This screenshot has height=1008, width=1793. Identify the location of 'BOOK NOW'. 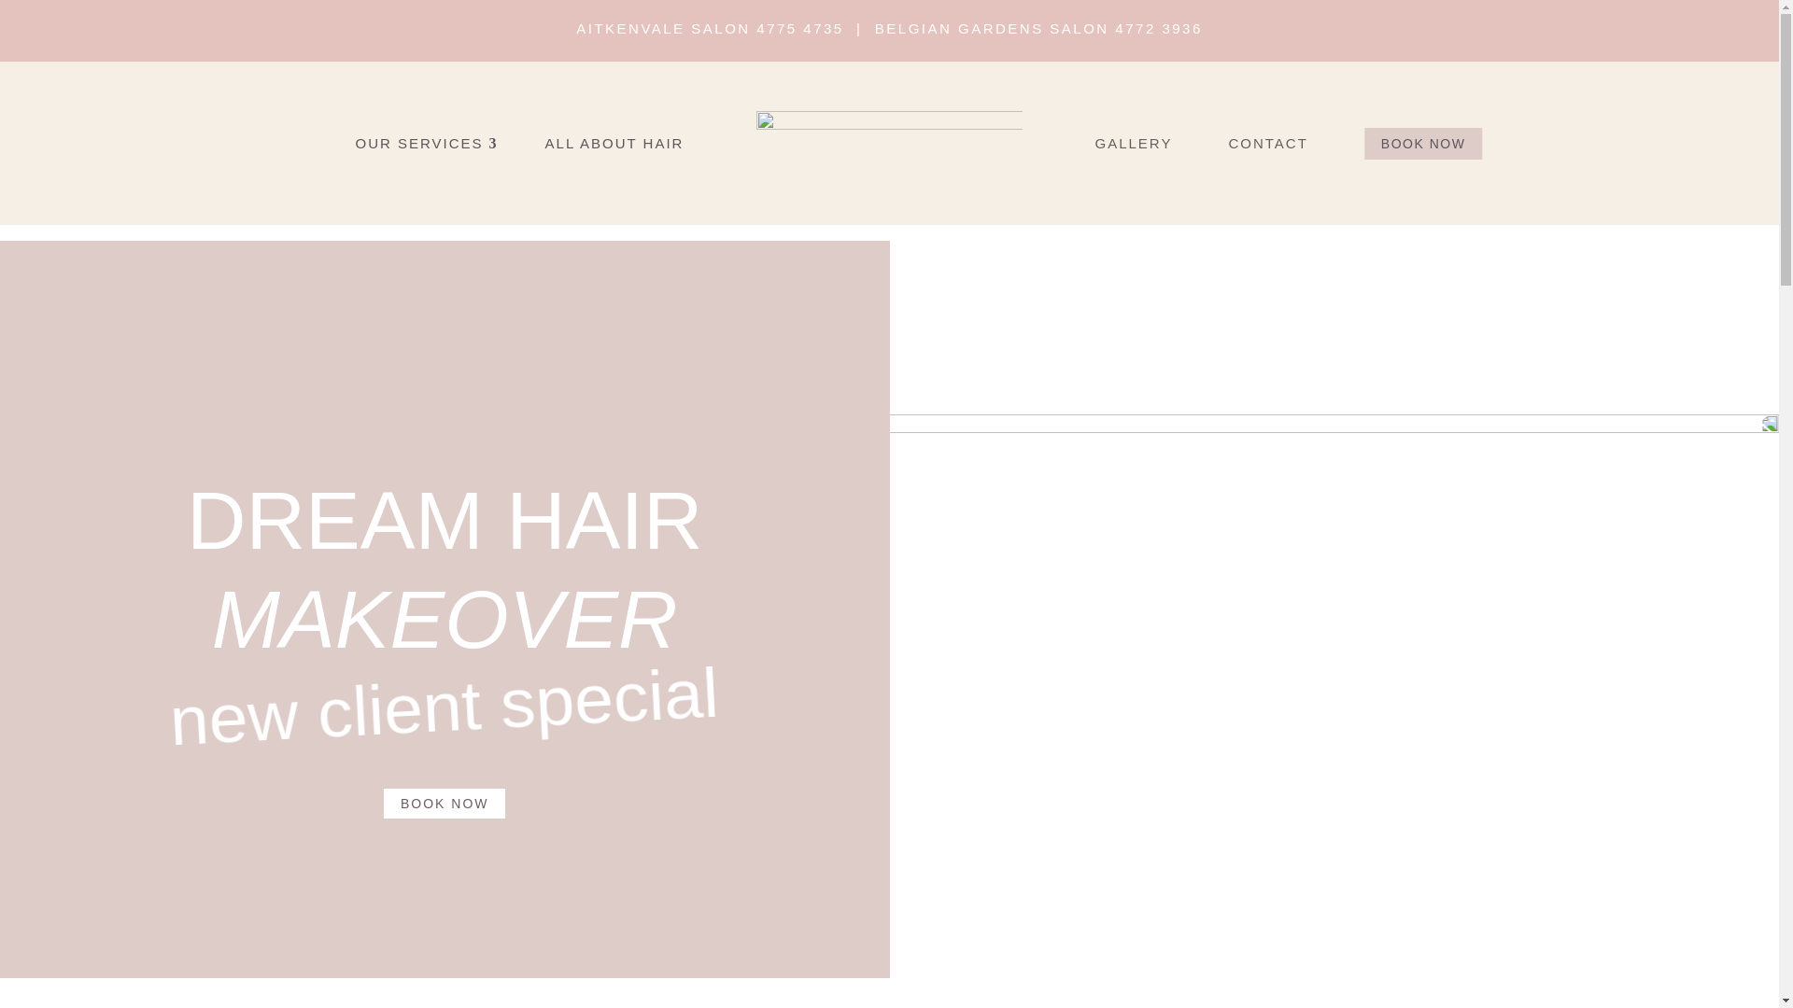
(1422, 142).